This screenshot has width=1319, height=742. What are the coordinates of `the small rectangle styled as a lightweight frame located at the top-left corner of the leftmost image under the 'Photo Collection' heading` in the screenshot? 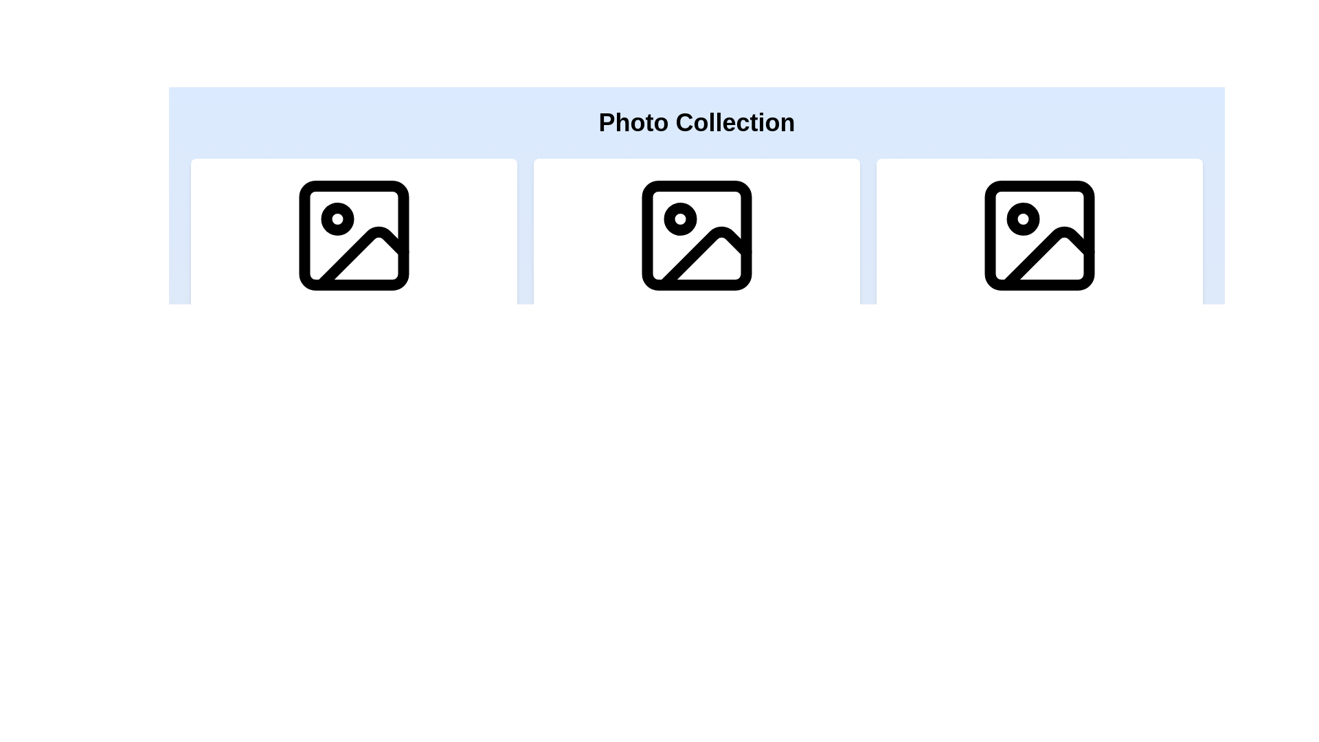 It's located at (354, 235).